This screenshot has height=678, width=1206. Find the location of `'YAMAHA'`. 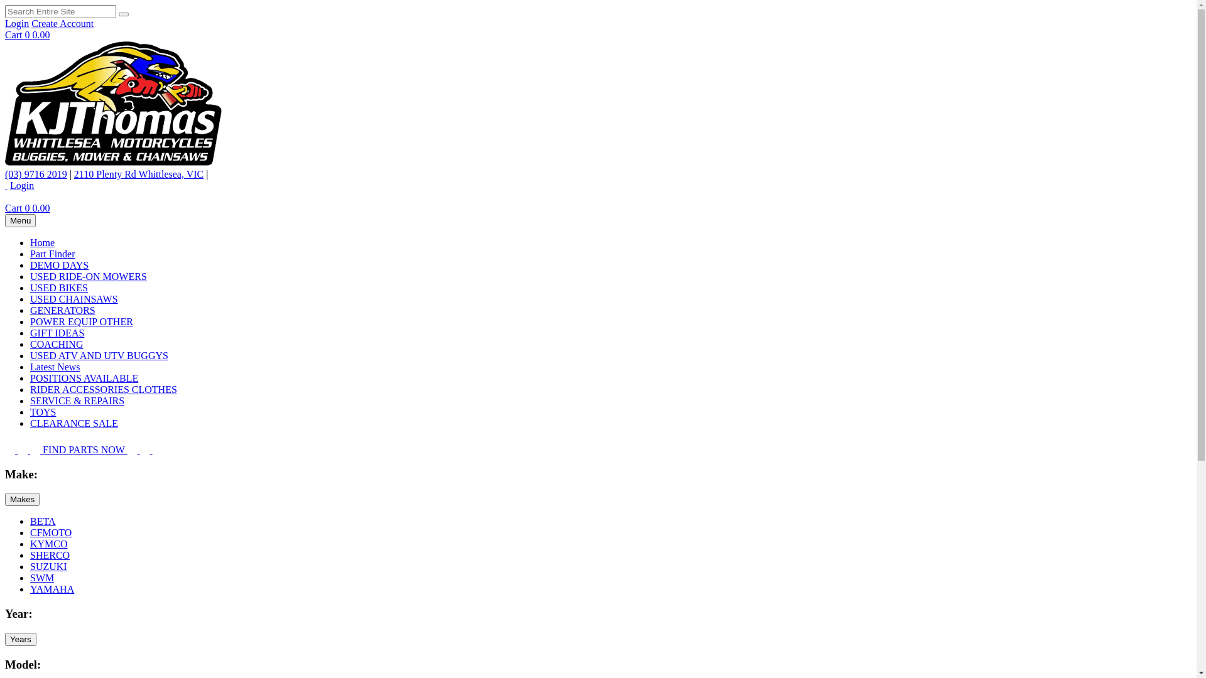

'YAMAHA' is located at coordinates (51, 589).